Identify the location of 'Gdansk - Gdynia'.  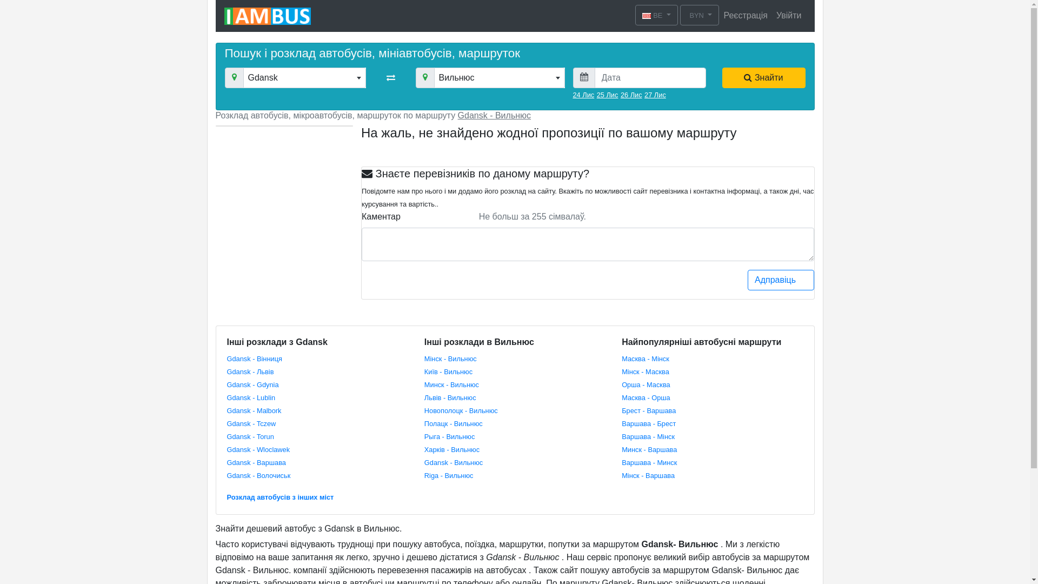
(227, 383).